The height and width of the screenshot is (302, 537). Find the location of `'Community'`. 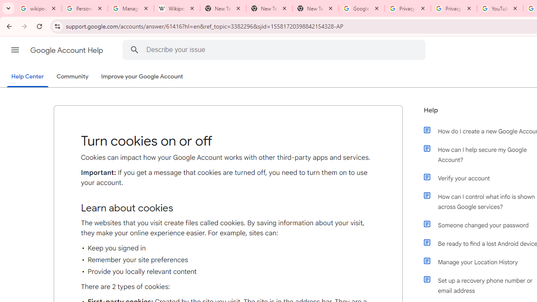

'Community' is located at coordinates (72, 77).